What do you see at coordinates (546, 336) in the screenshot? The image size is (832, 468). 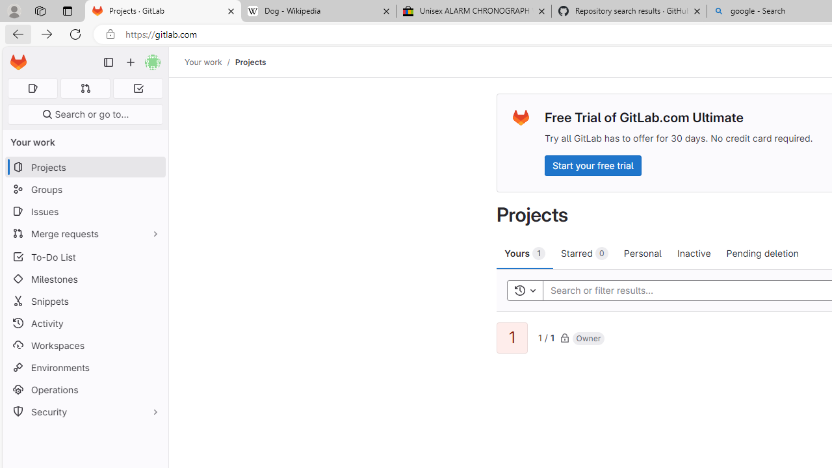 I see `'1 / 1'` at bounding box center [546, 336].